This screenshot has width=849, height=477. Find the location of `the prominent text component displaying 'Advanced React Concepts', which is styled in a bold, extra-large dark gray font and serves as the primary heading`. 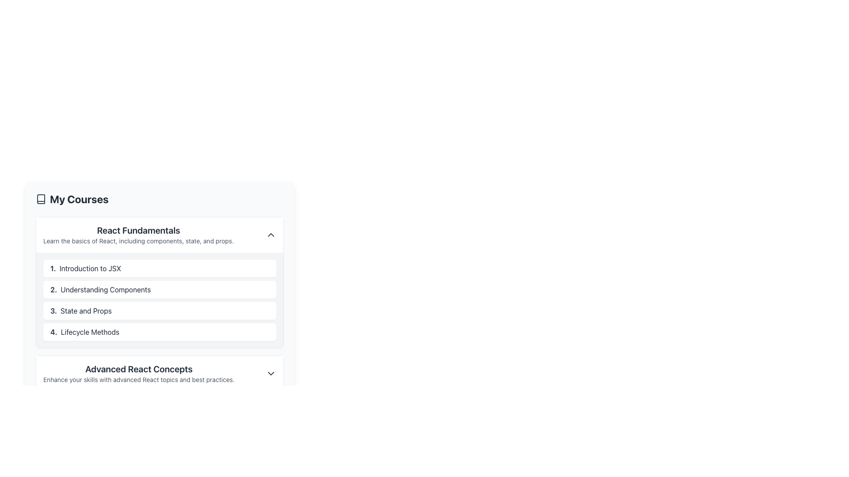

the prominent text component displaying 'Advanced React Concepts', which is styled in a bold, extra-large dark gray font and serves as the primary heading is located at coordinates (138, 369).